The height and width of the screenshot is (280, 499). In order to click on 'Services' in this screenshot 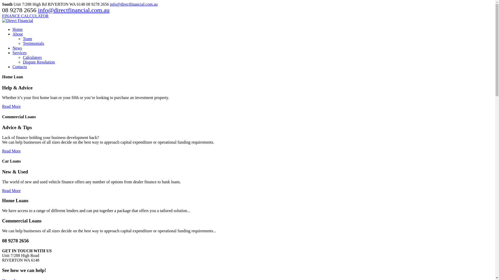, I will do `click(19, 53)`.